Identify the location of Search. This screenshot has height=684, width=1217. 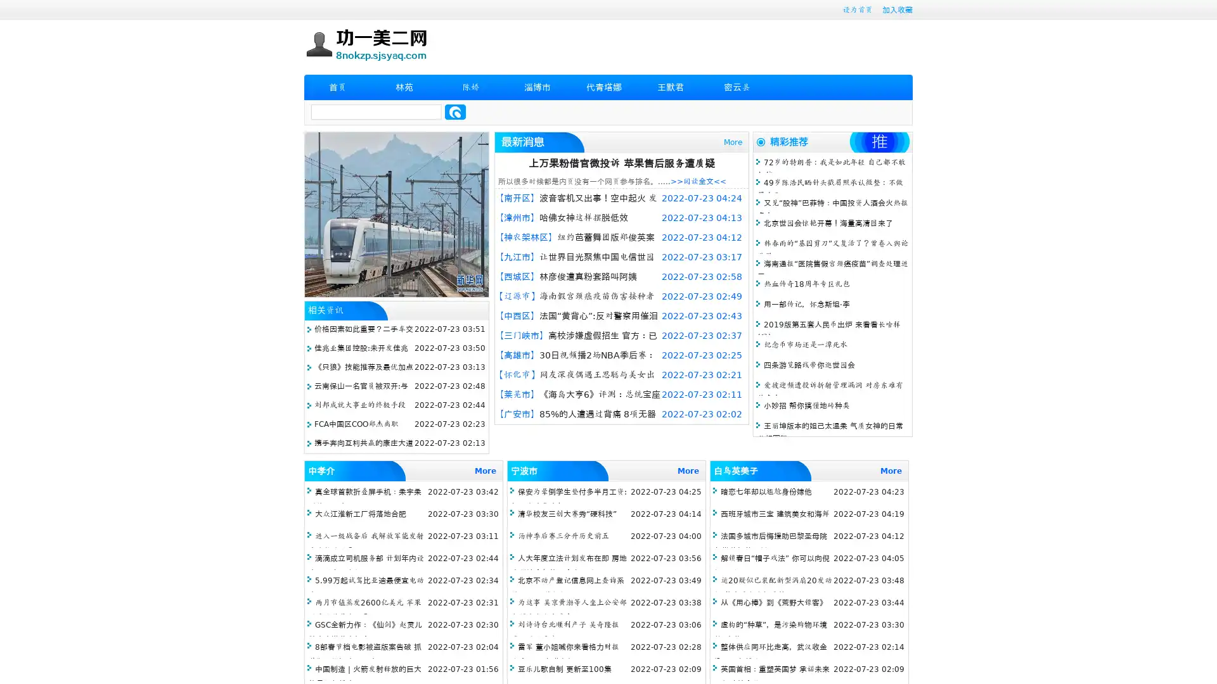
(455, 111).